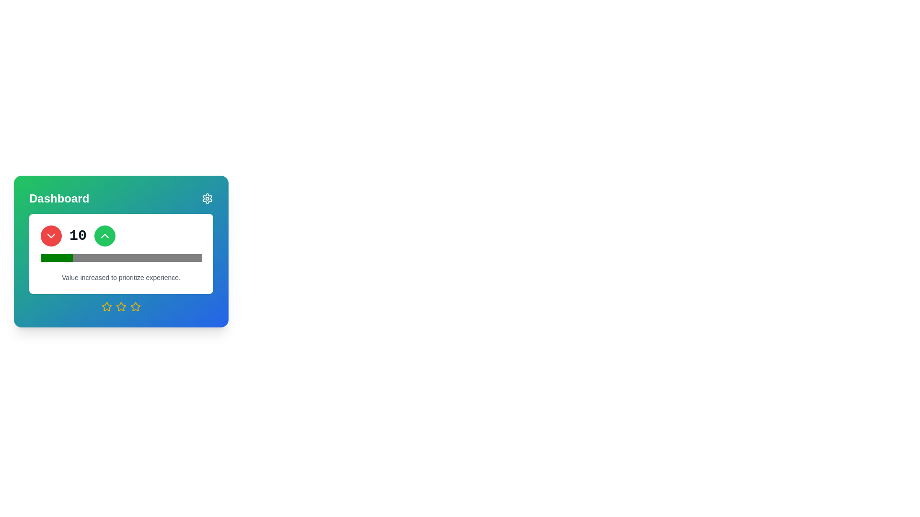 This screenshot has height=517, width=920. Describe the element at coordinates (207, 198) in the screenshot. I see `the circular gear icon located` at that location.